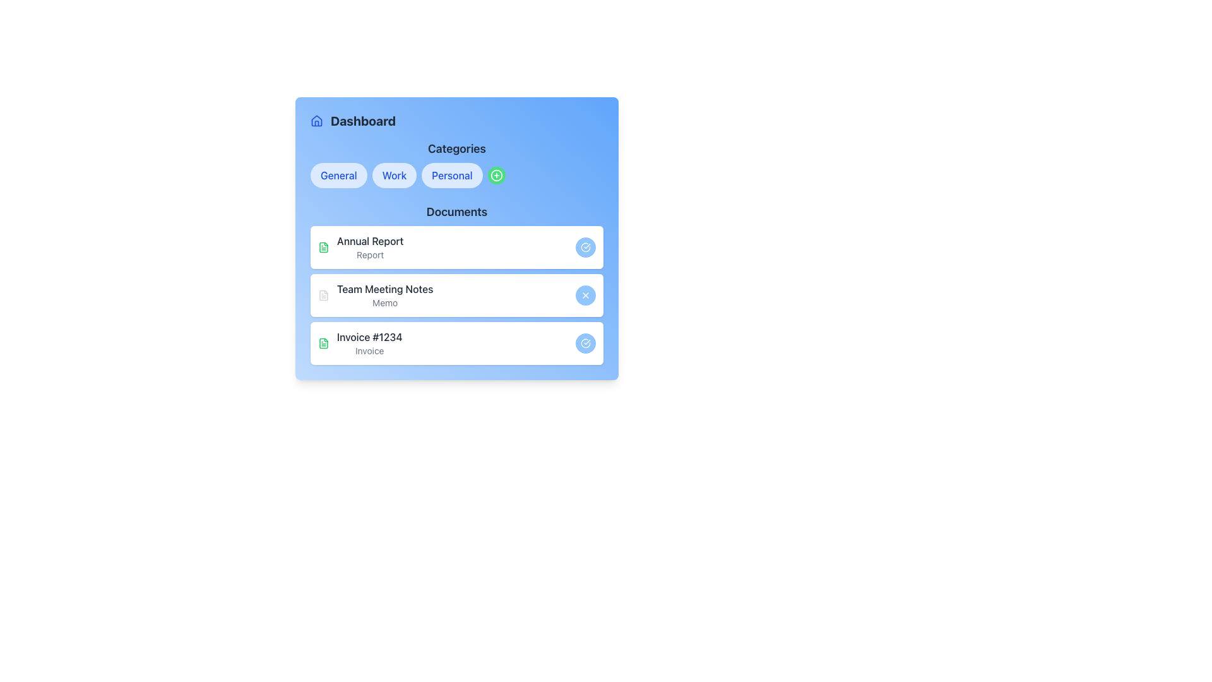 The image size is (1212, 682). I want to click on the Text Label that categorizes the entry 'Invoice #1234', located within the card layout directly beneath the primary heading 'Invoice #1234', so click(369, 350).